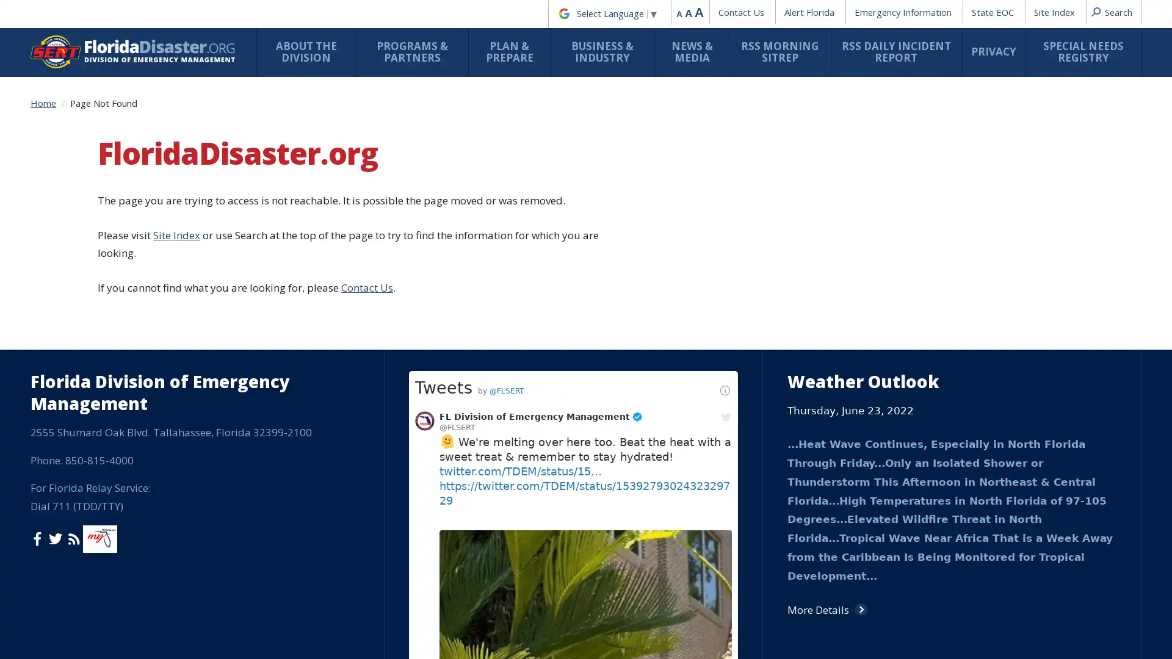 Image resolution: width=1172 pixels, height=659 pixels. I want to click on Toggle More, so click(489, 419).